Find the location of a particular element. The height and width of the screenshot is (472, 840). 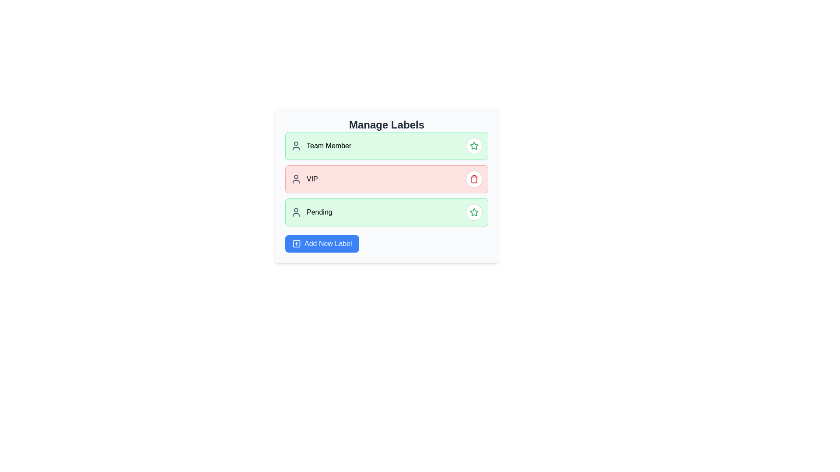

the circular button with a red trash can icon is located at coordinates (474, 178).